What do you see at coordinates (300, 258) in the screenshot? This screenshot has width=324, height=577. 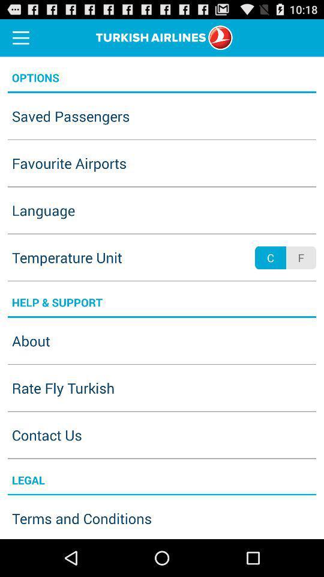 I see `the app to the right of c icon` at bounding box center [300, 258].